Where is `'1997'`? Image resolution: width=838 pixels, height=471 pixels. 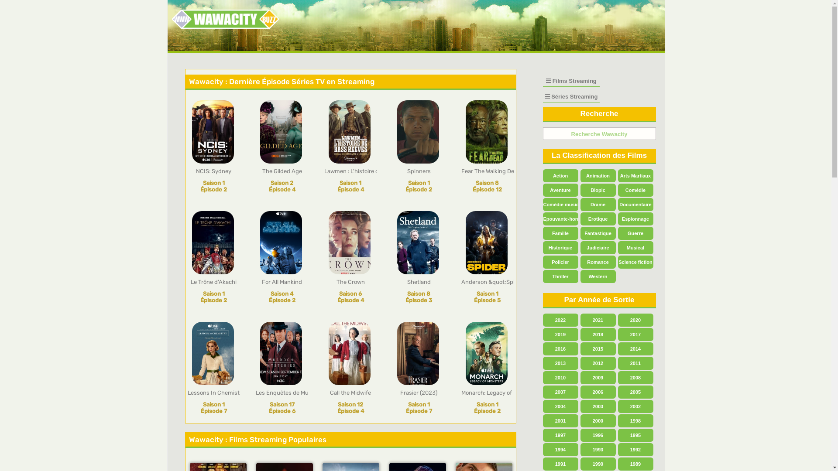
'1997' is located at coordinates (560, 435).